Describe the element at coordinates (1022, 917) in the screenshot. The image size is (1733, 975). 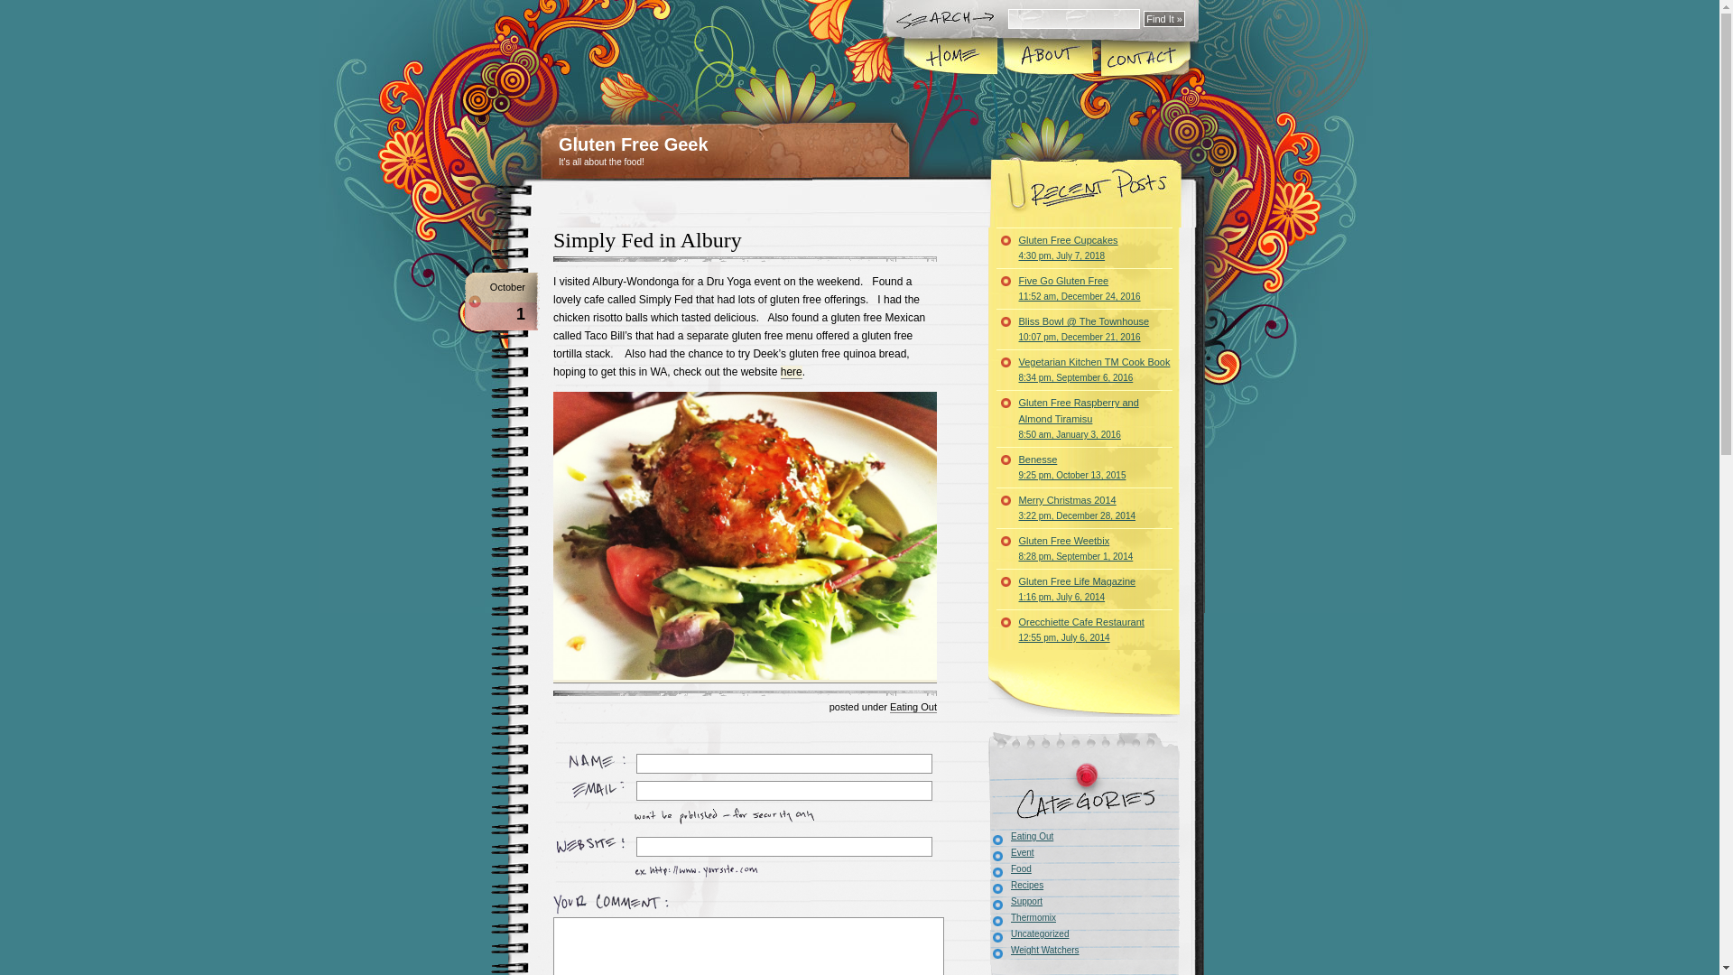
I see `'Thermomix'` at that location.